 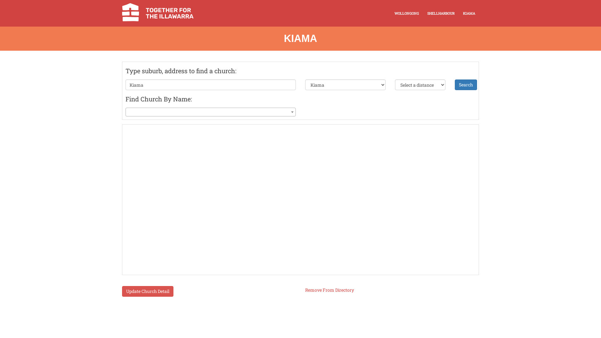 I want to click on 'Update Church Detail', so click(x=147, y=291).